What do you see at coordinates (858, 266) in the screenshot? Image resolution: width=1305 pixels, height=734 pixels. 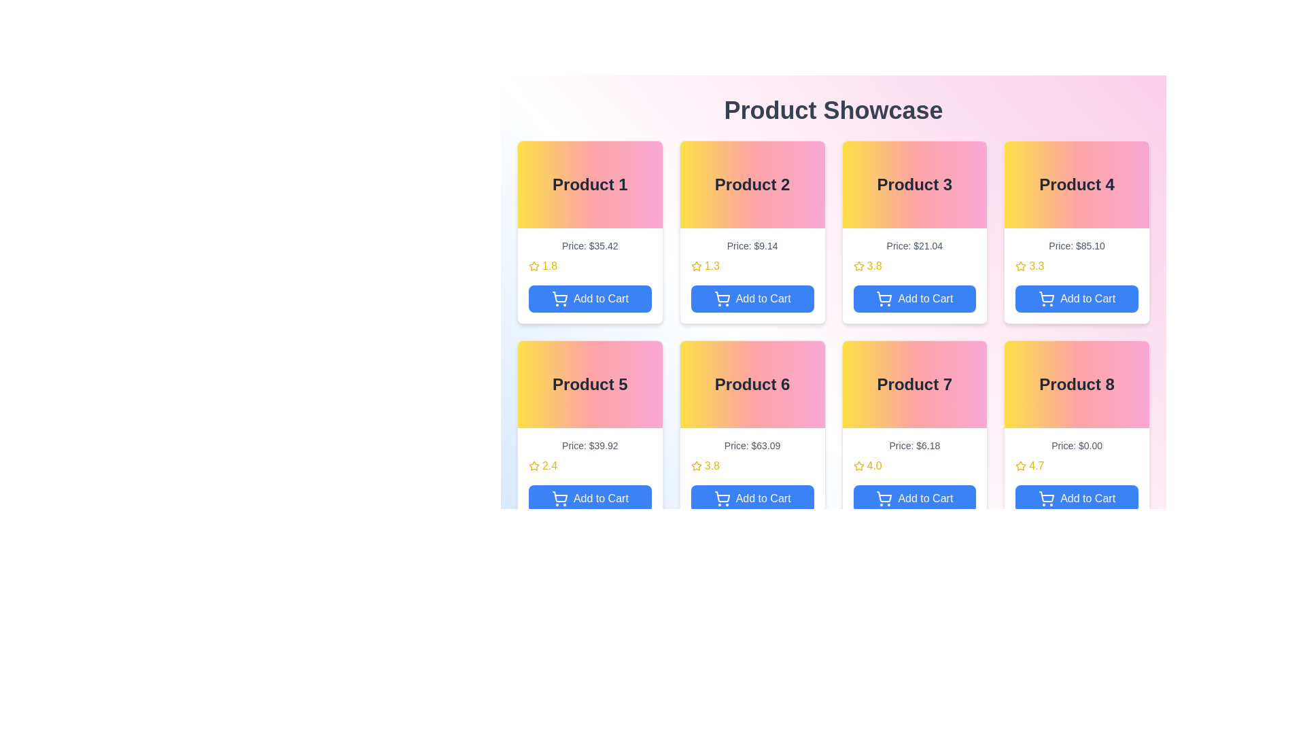 I see `the star-shaped yellow icon representing the rating for 'Product 3', which is located to the left of the rating value '3.8'` at bounding box center [858, 266].